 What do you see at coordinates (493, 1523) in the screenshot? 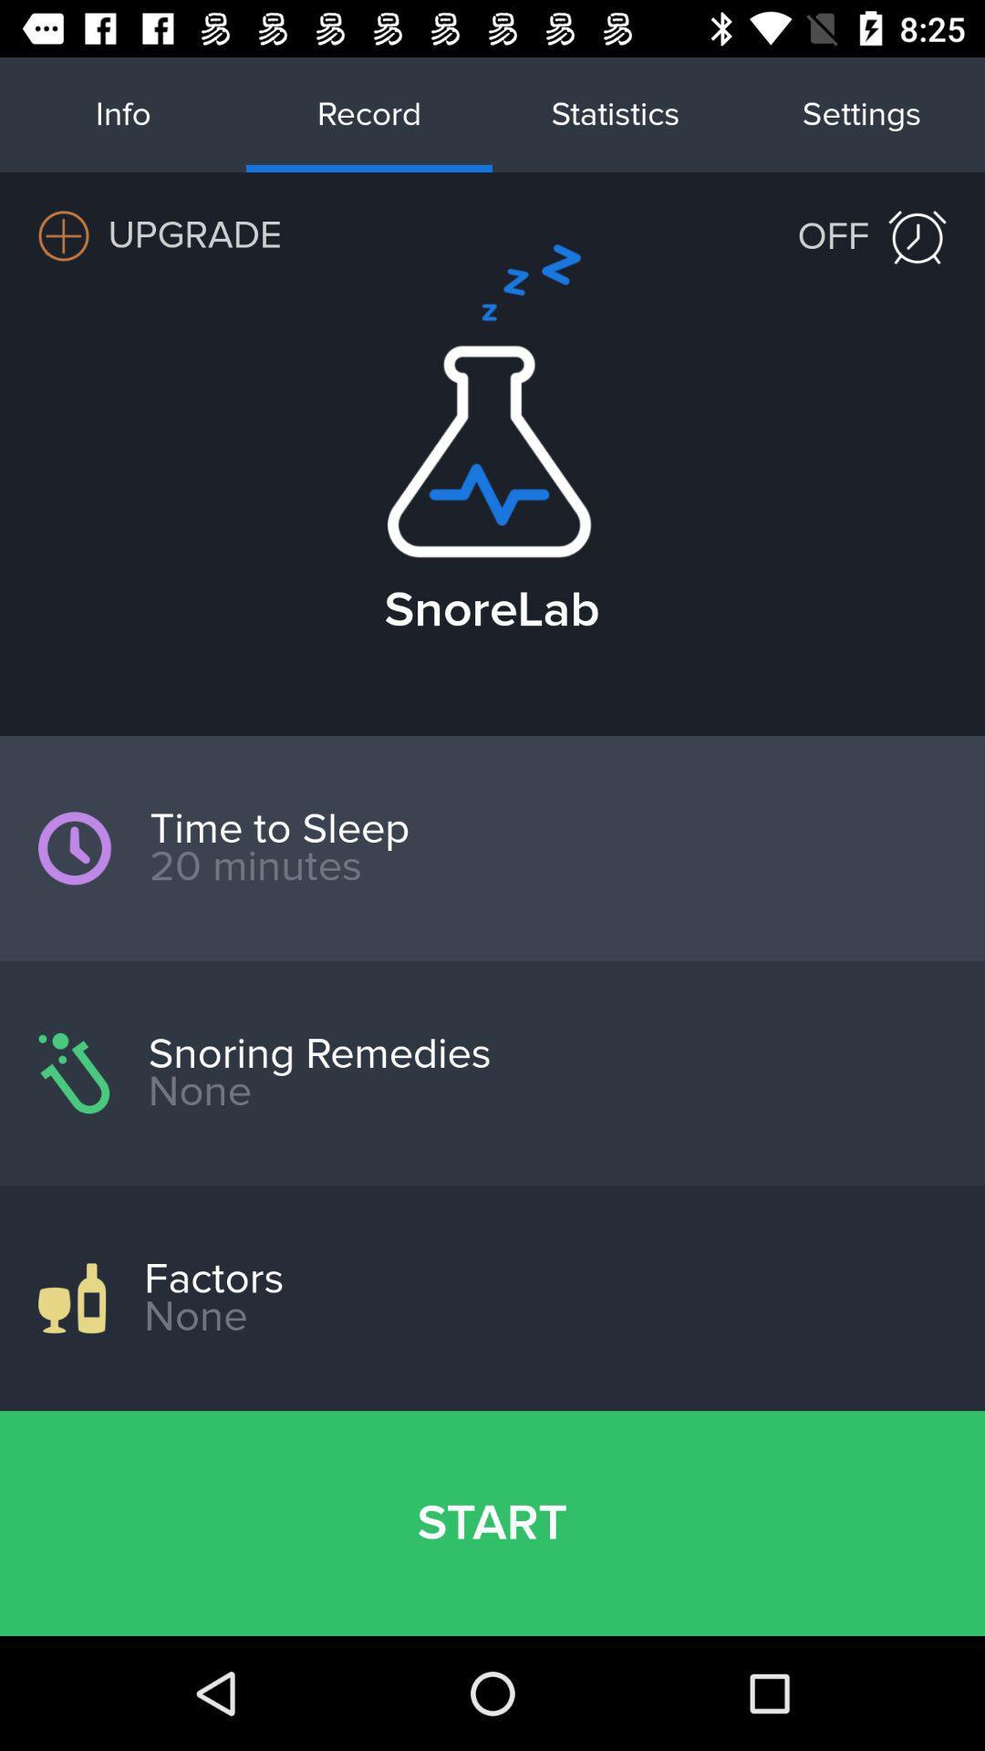
I see `start icon` at bounding box center [493, 1523].